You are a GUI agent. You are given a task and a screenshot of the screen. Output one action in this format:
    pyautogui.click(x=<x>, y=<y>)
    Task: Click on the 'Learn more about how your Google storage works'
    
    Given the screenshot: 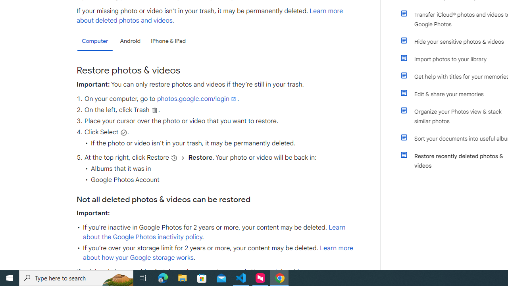 What is the action you would take?
    pyautogui.click(x=218, y=253)
    